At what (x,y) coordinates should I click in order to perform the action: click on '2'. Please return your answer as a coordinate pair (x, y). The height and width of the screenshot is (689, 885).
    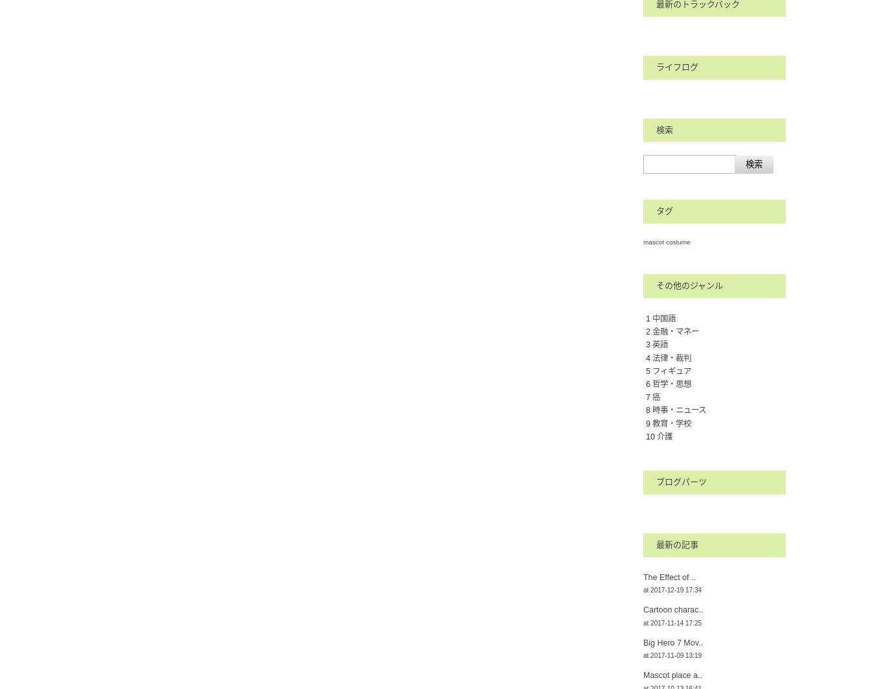
    Looking at the image, I should click on (649, 332).